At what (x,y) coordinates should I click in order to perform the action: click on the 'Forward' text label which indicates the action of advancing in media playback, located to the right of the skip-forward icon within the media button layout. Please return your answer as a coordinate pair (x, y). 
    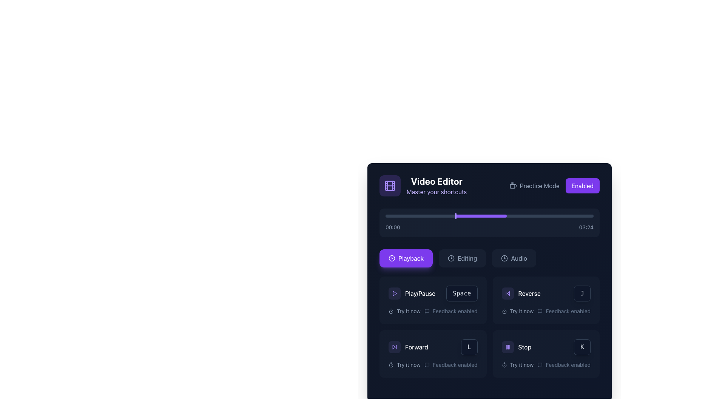
    Looking at the image, I should click on (416, 347).